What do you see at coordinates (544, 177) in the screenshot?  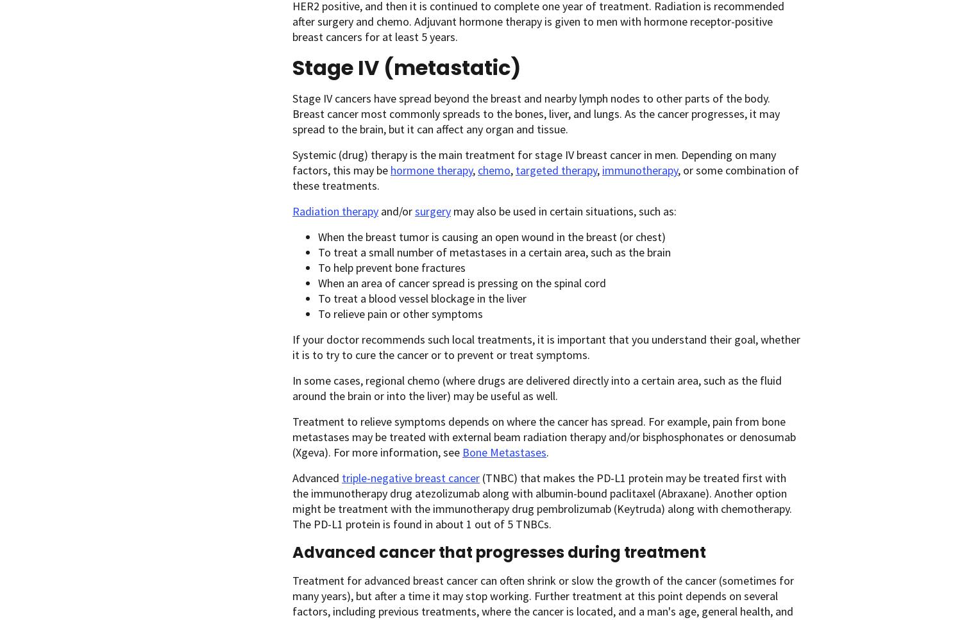 I see `', or some combination of these treatments.'` at bounding box center [544, 177].